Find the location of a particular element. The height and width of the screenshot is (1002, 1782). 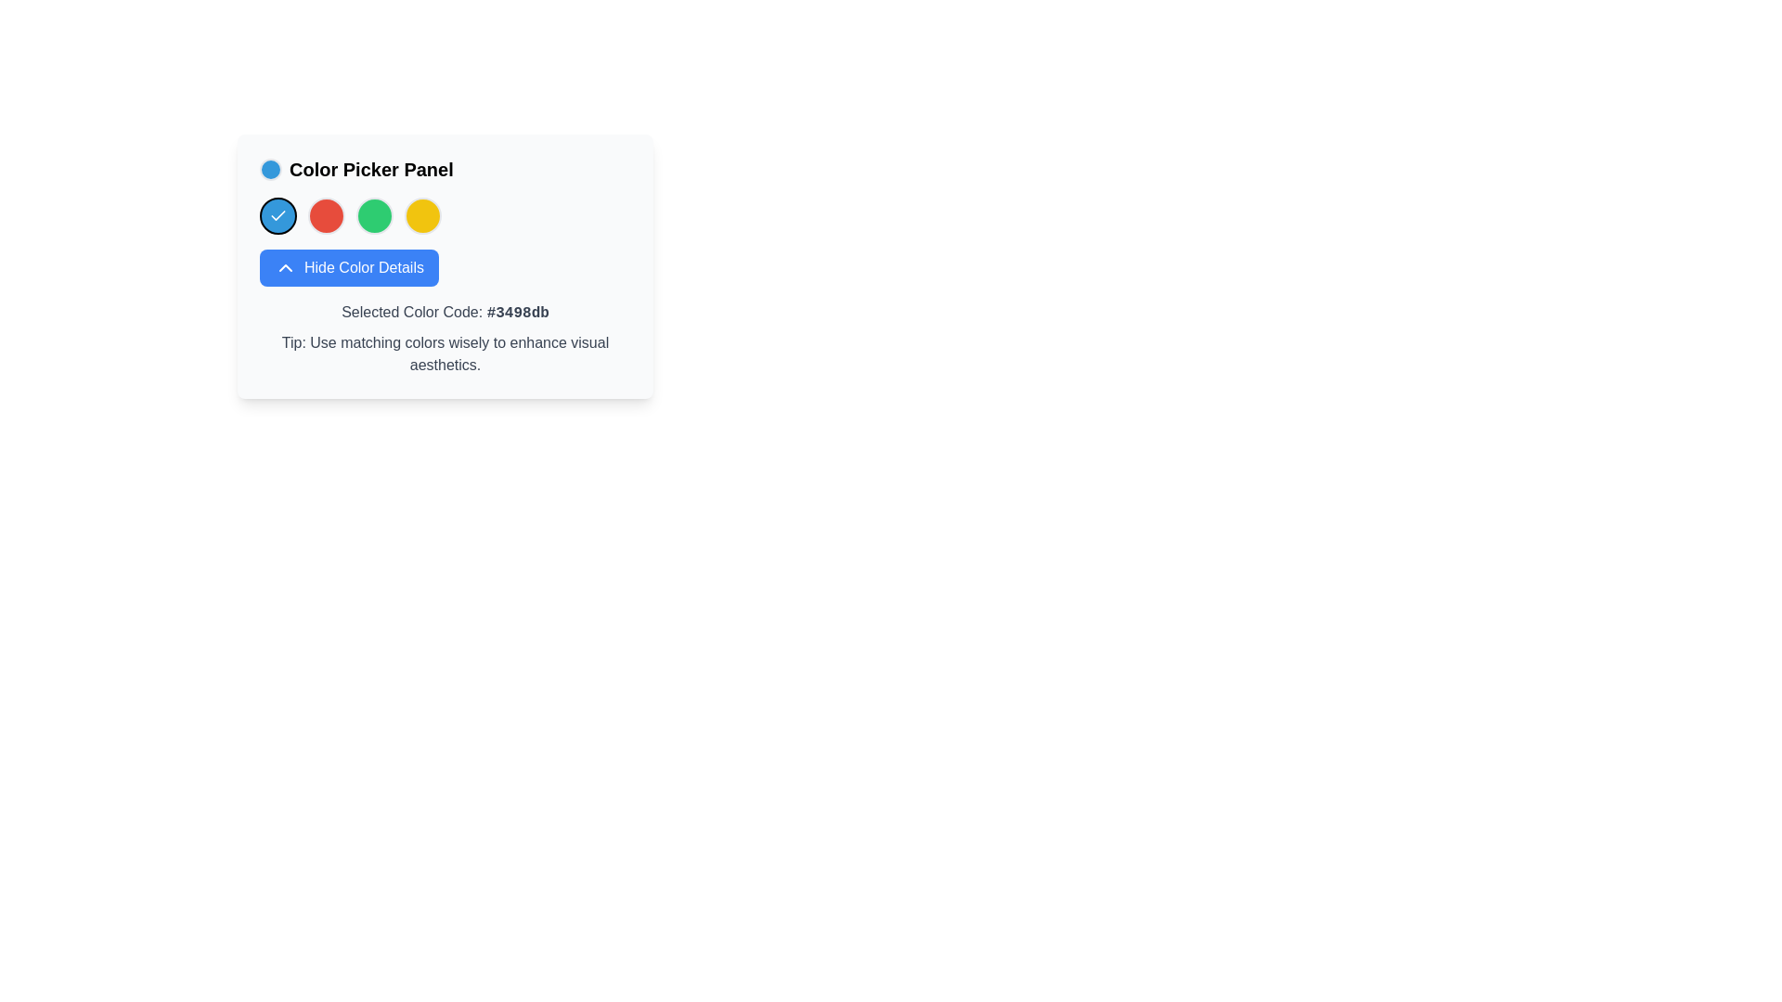

the circular Color selection button with a yellow background, positioned as the fifth circle in the Color Picker Panel is located at coordinates (422, 214).